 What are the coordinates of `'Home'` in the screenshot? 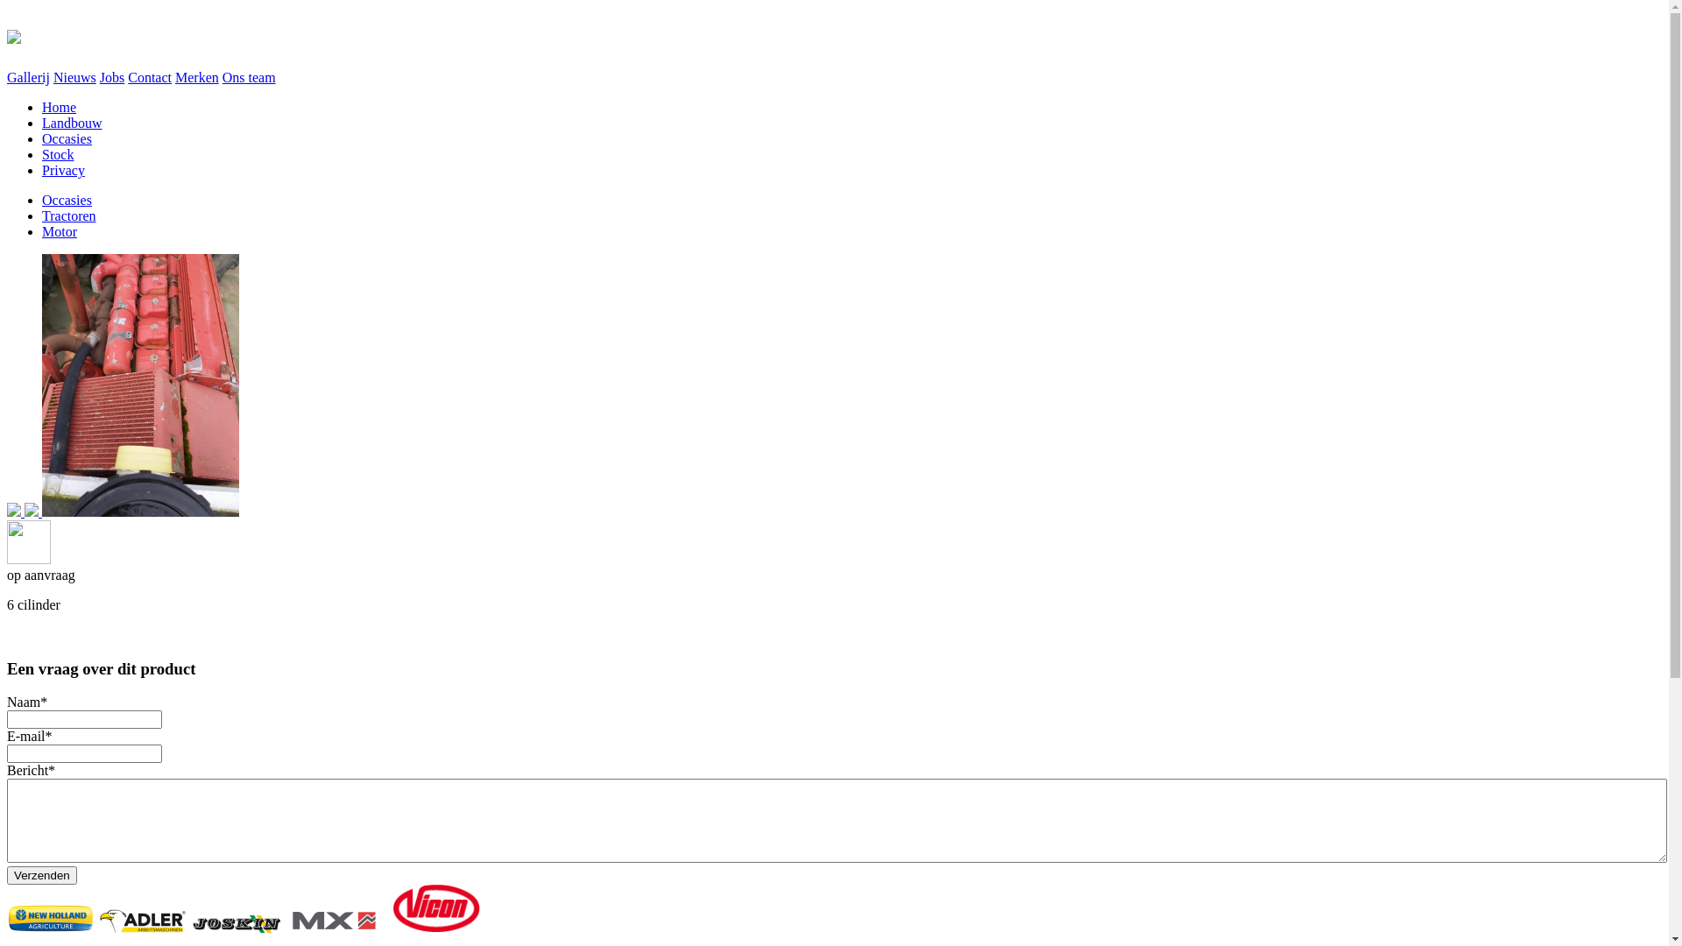 It's located at (59, 107).